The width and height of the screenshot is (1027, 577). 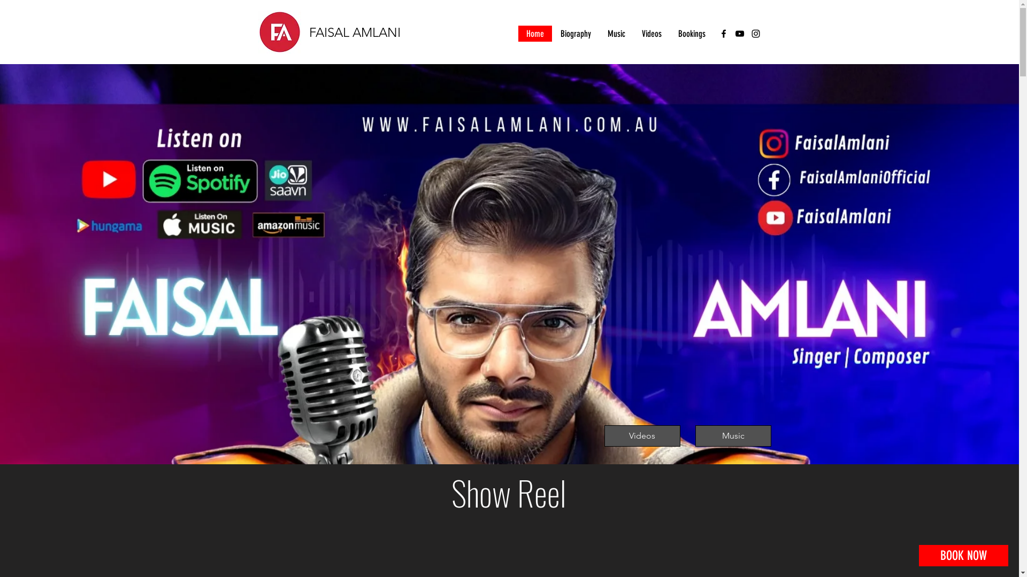 I want to click on 'Biography', so click(x=574, y=33).